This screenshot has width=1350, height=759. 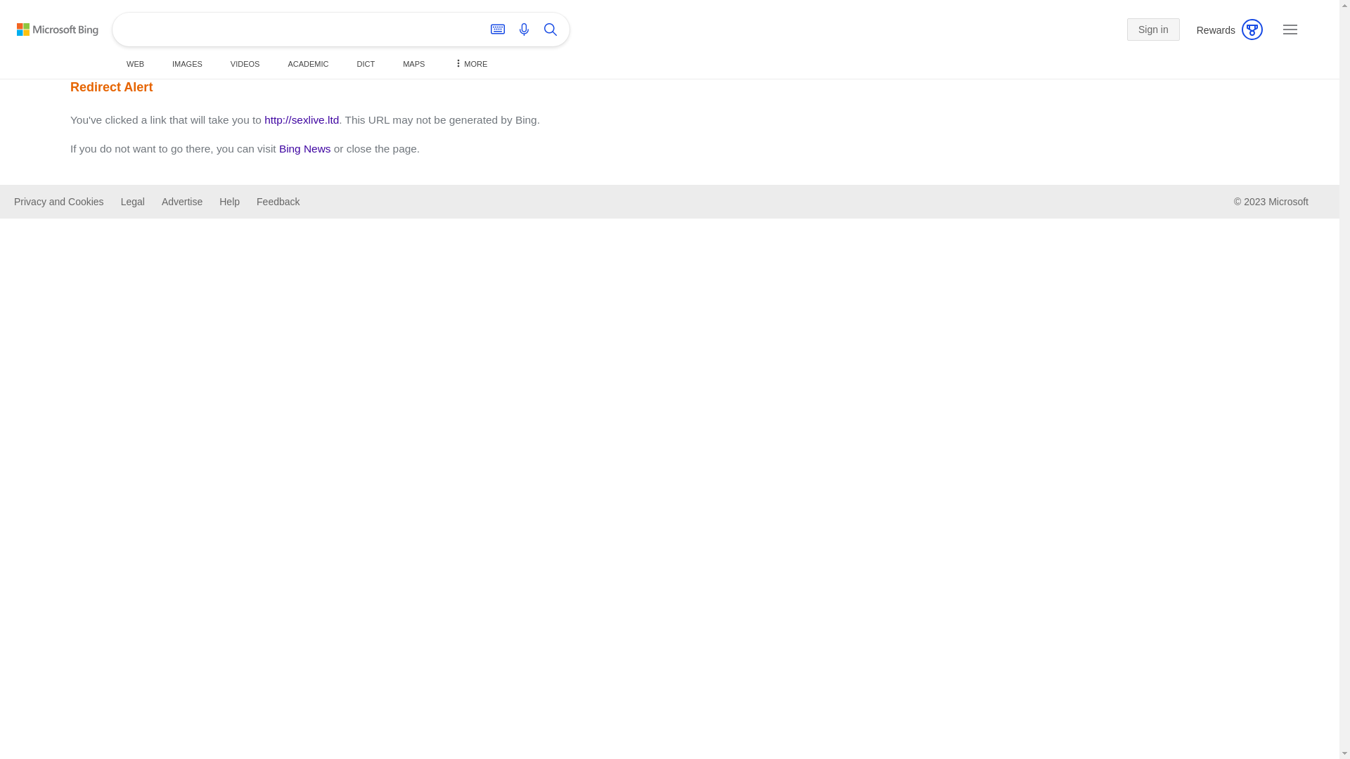 I want to click on 'VIDEOS', so click(x=245, y=64).